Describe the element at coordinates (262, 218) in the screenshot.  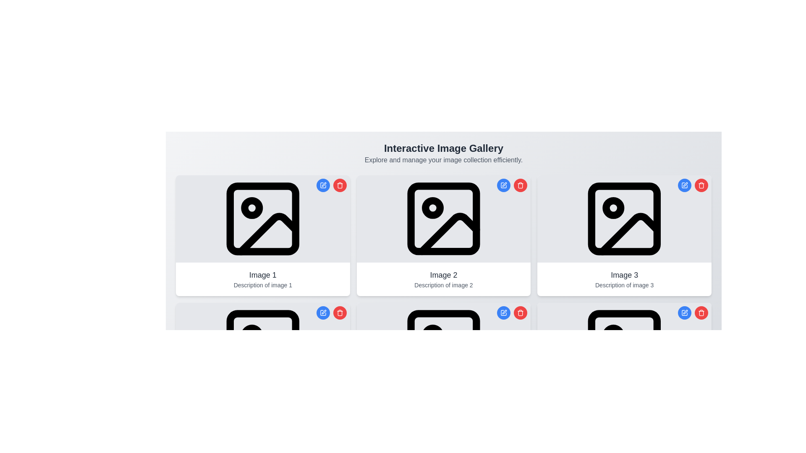
I see `the Image placeholder icon located within the white card labeled 'Image 1' in the first column and first row of the gallery grid` at that location.